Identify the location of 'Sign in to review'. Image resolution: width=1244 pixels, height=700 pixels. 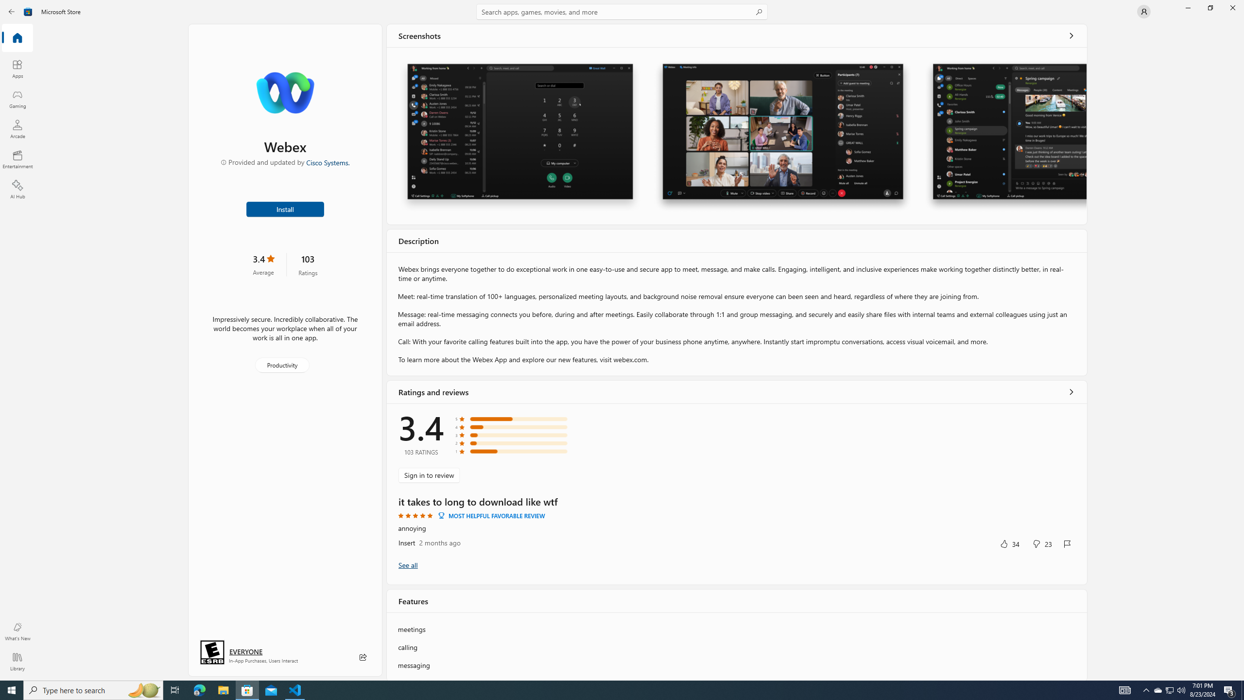
(429, 474).